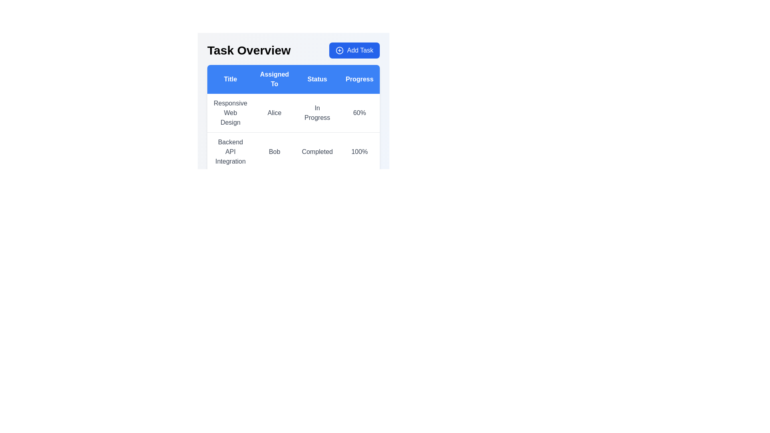  What do you see at coordinates (359, 79) in the screenshot?
I see `the 'Progress' column header in the 'Task Overview' layout, which is the fourth column header with a blue background and white bold text` at bounding box center [359, 79].